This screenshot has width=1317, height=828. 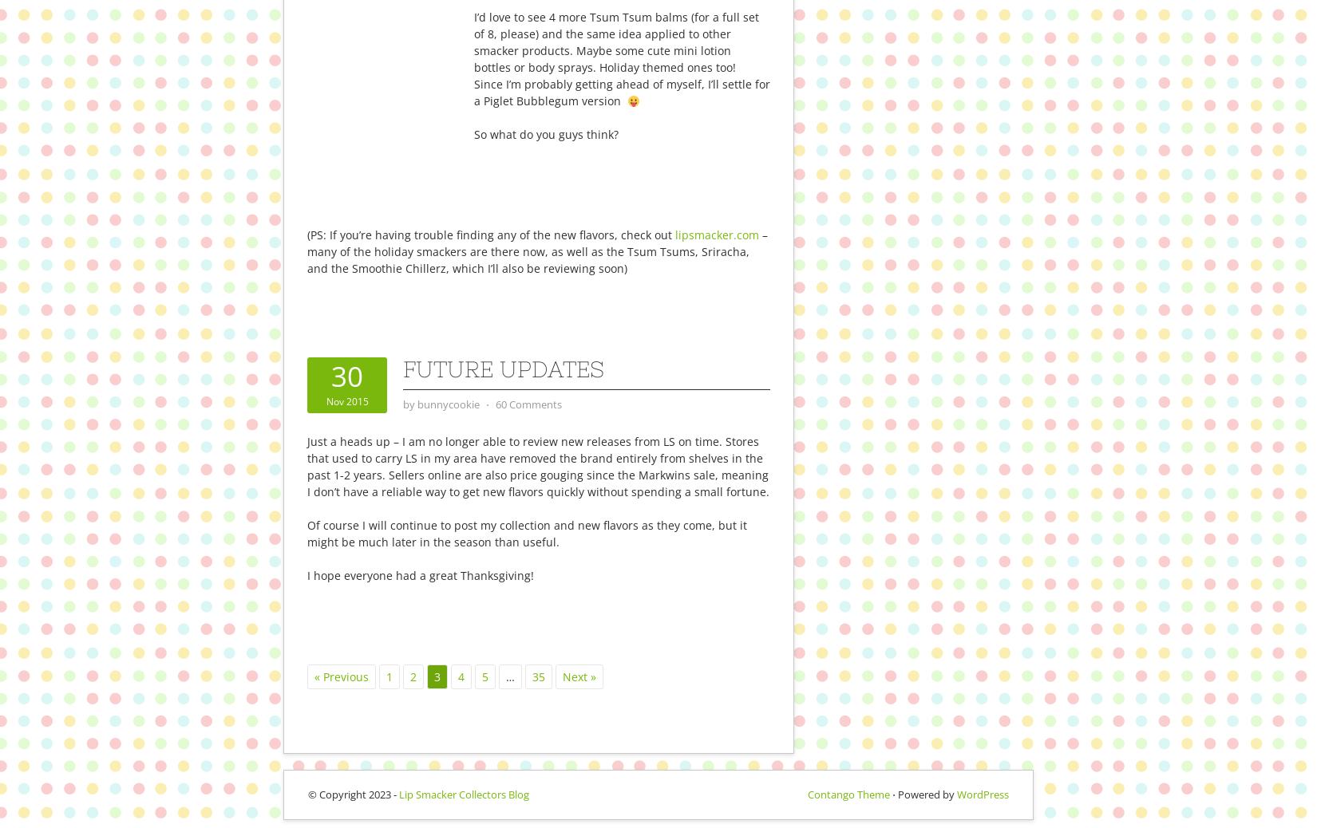 I want to click on 'bunnycookie', so click(x=417, y=404).